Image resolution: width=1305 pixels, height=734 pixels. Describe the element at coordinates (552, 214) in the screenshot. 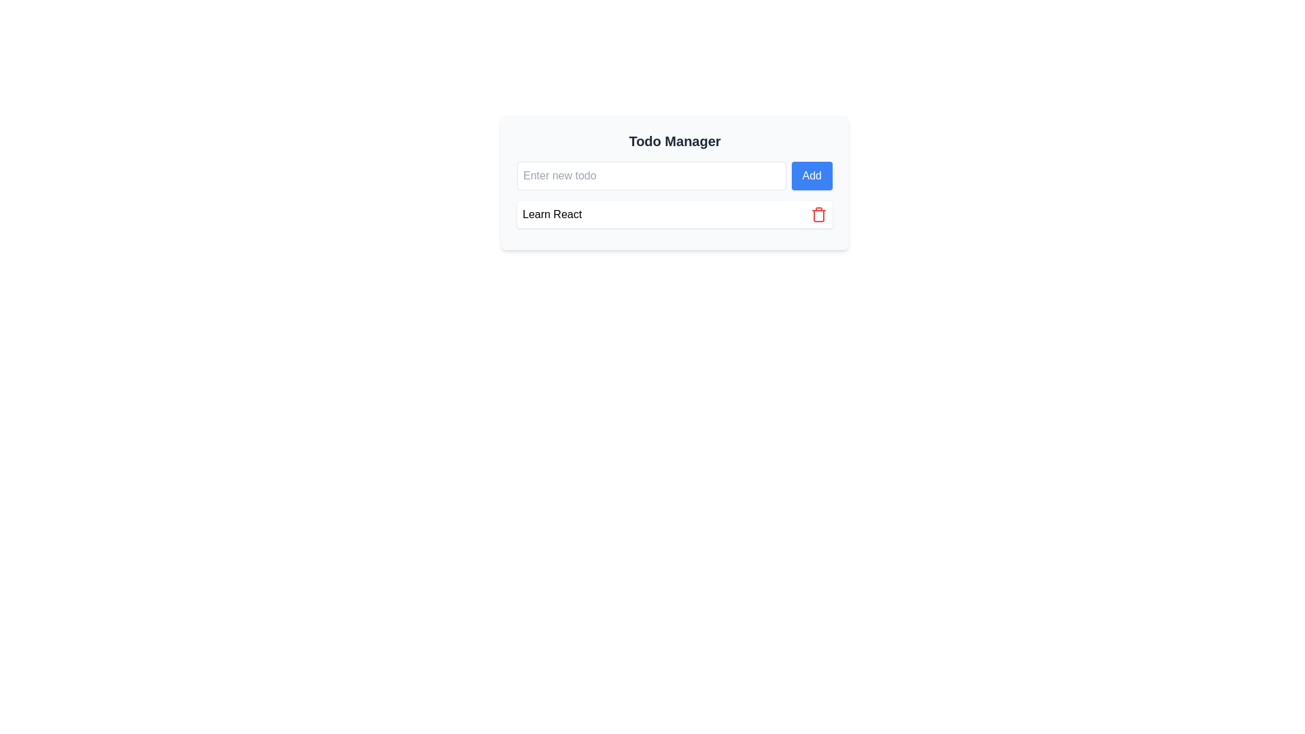

I see `the static text element that represents a task in the to-do list, displayed within a white-colored task box below the 'Todo Manager' title` at that location.